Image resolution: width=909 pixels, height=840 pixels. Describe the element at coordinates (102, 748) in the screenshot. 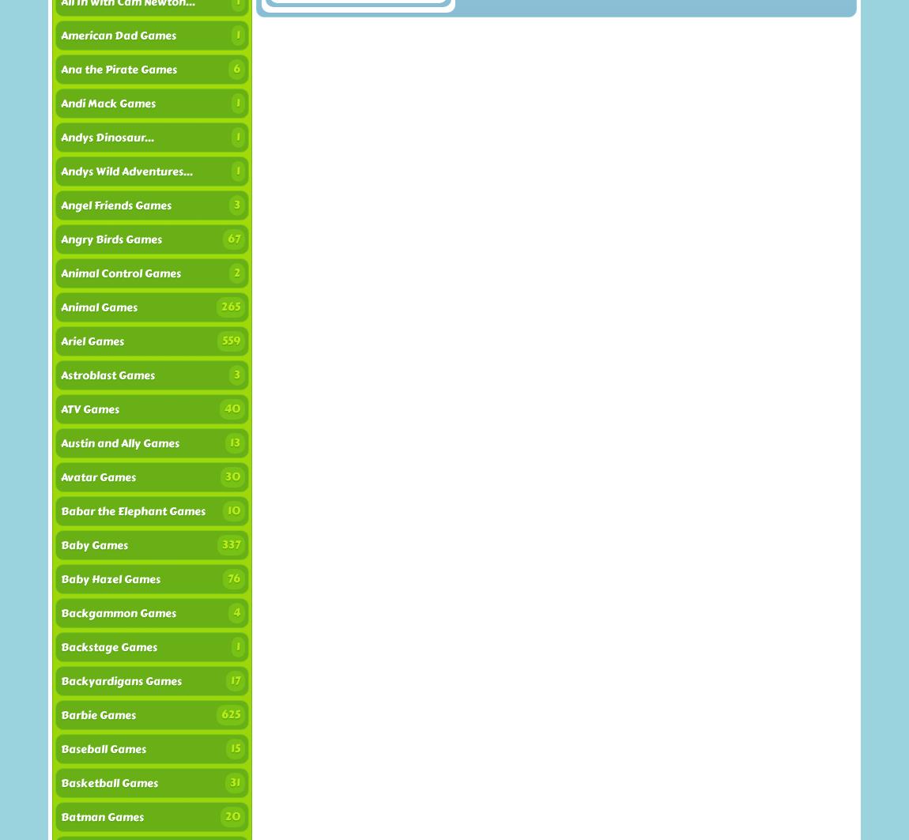

I see `'Baseball Games'` at that location.